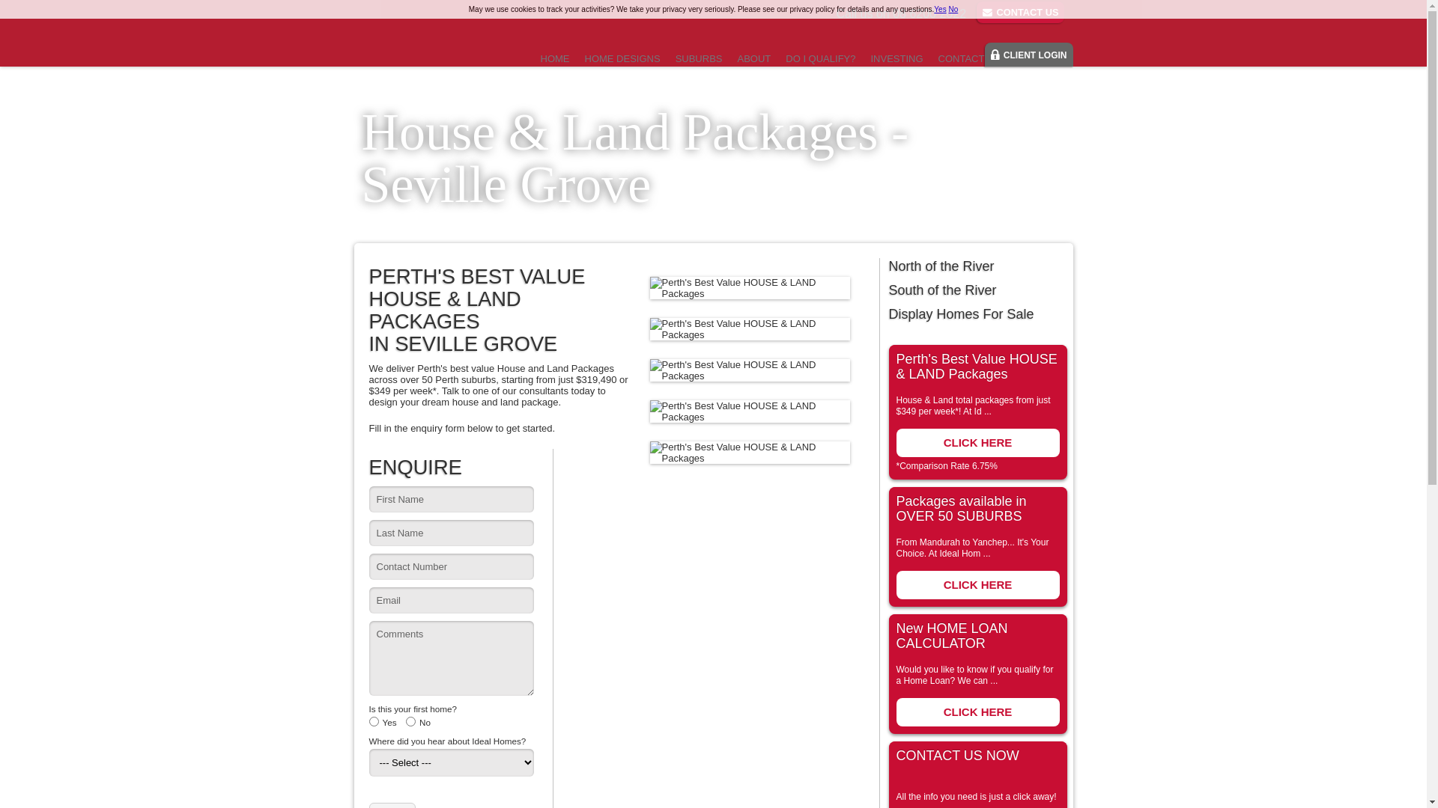 This screenshot has height=808, width=1438. Describe the element at coordinates (1019, 12) in the screenshot. I see `'CONTACT US'` at that location.